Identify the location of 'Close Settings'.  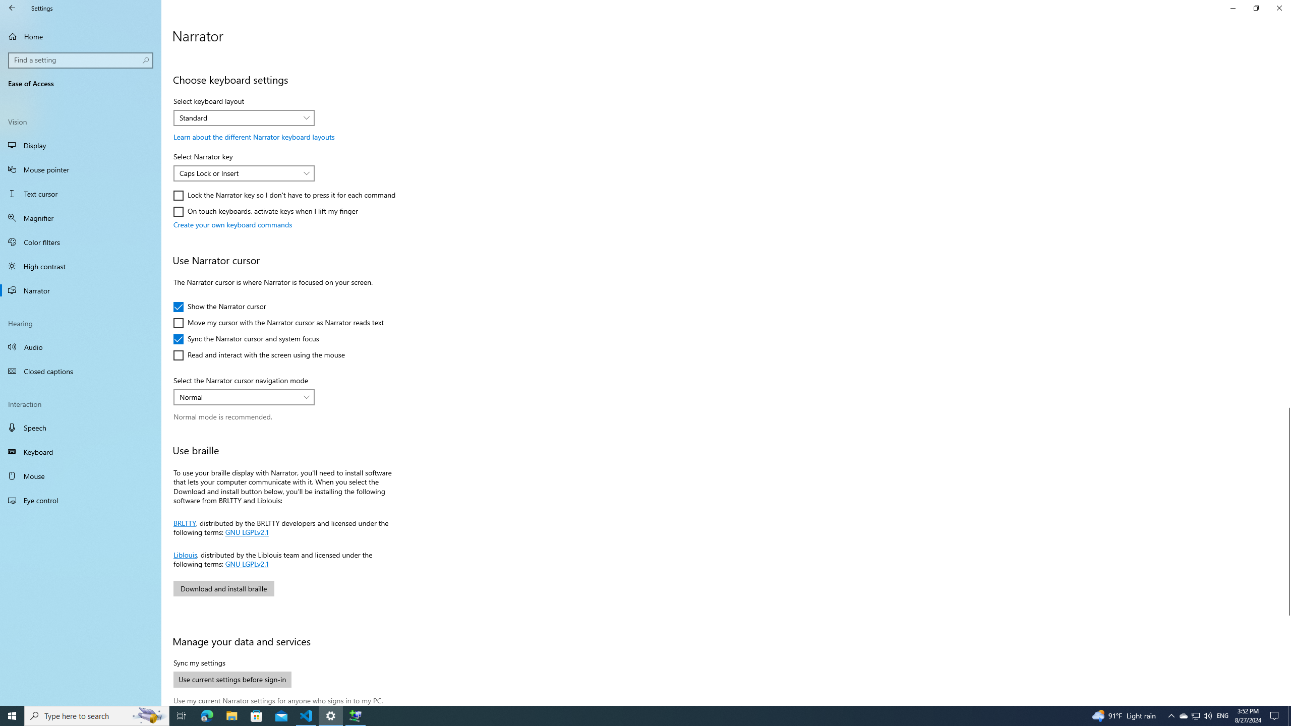
(1278, 8).